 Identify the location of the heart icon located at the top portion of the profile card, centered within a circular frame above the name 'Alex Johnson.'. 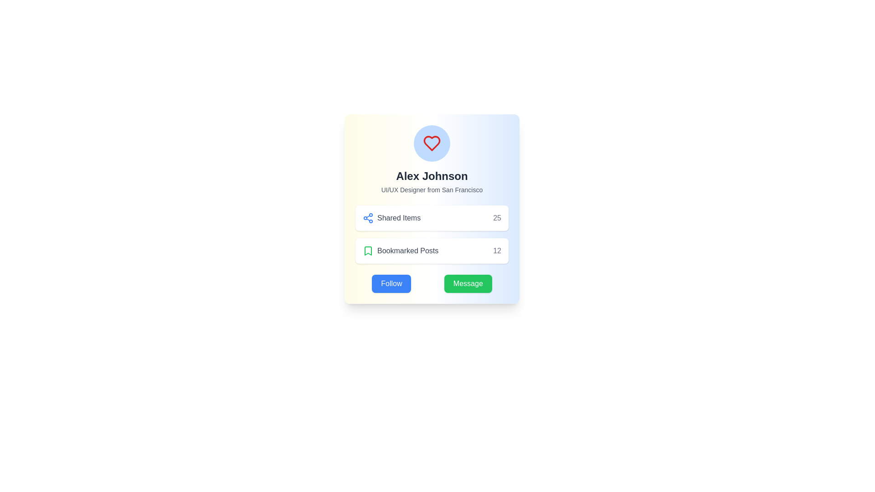
(432, 143).